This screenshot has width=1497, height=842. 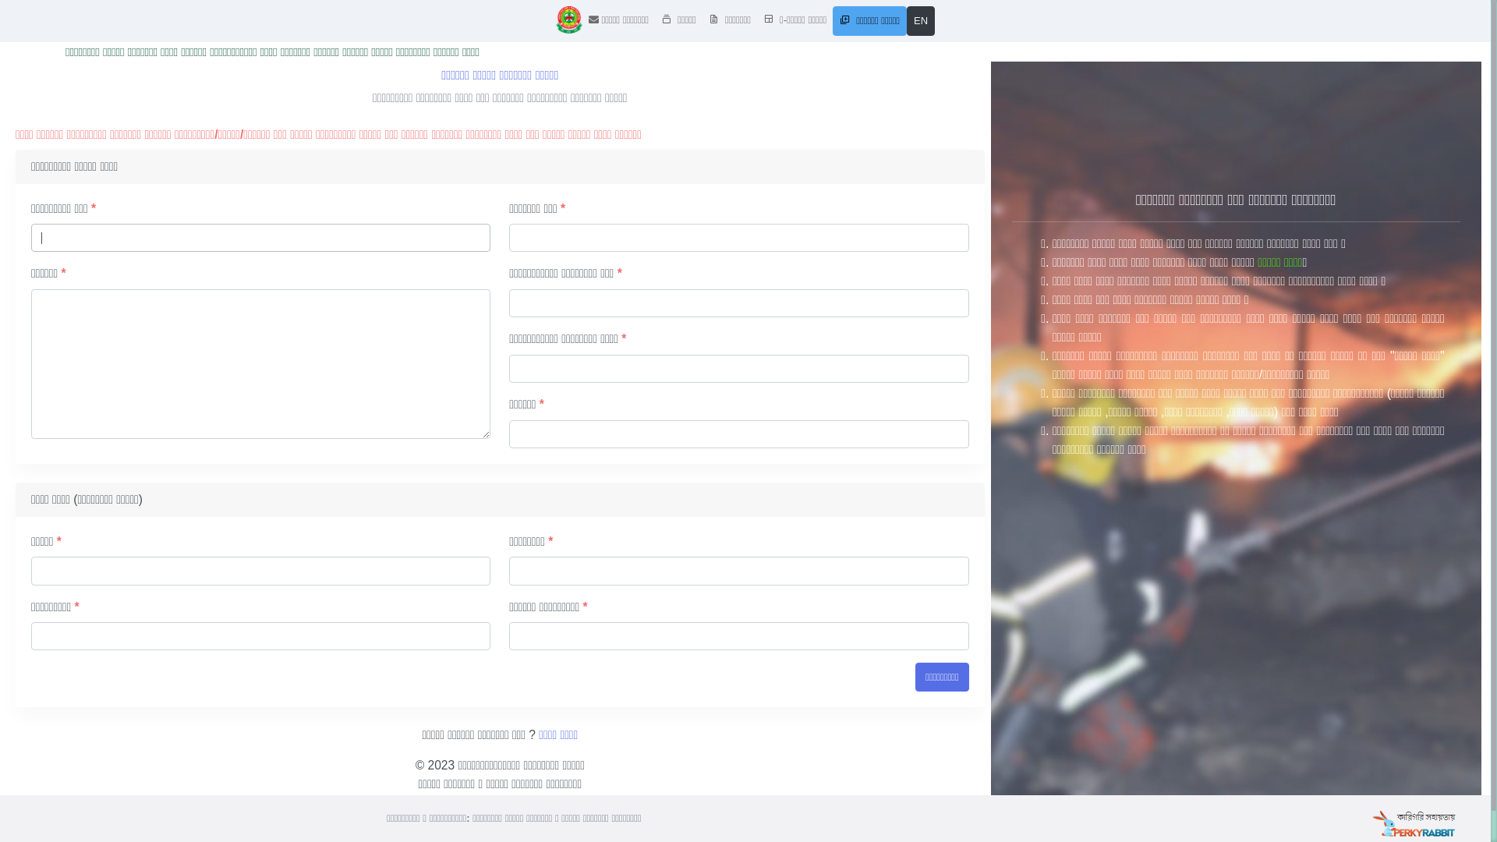 What do you see at coordinates (920, 21) in the screenshot?
I see `'EN'` at bounding box center [920, 21].